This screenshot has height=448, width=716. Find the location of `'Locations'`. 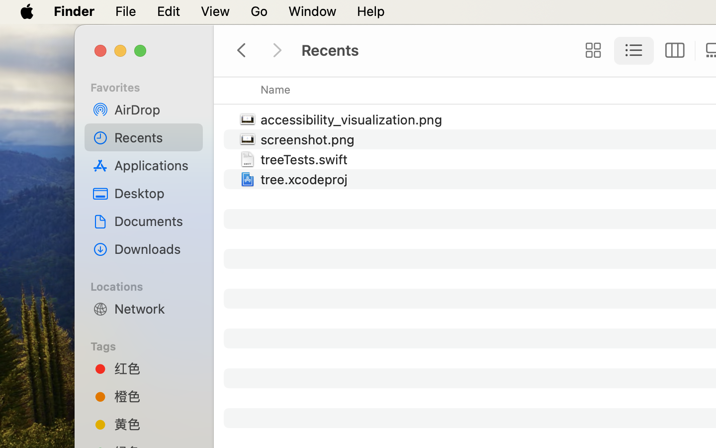

'Locations' is located at coordinates (149, 285).